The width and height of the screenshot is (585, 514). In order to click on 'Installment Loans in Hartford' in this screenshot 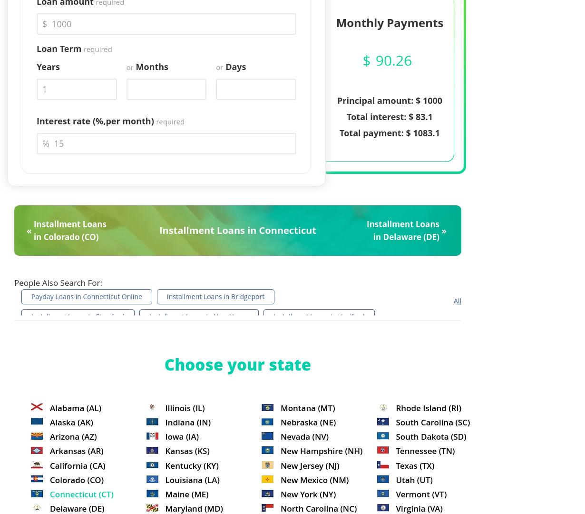, I will do `click(273, 316)`.